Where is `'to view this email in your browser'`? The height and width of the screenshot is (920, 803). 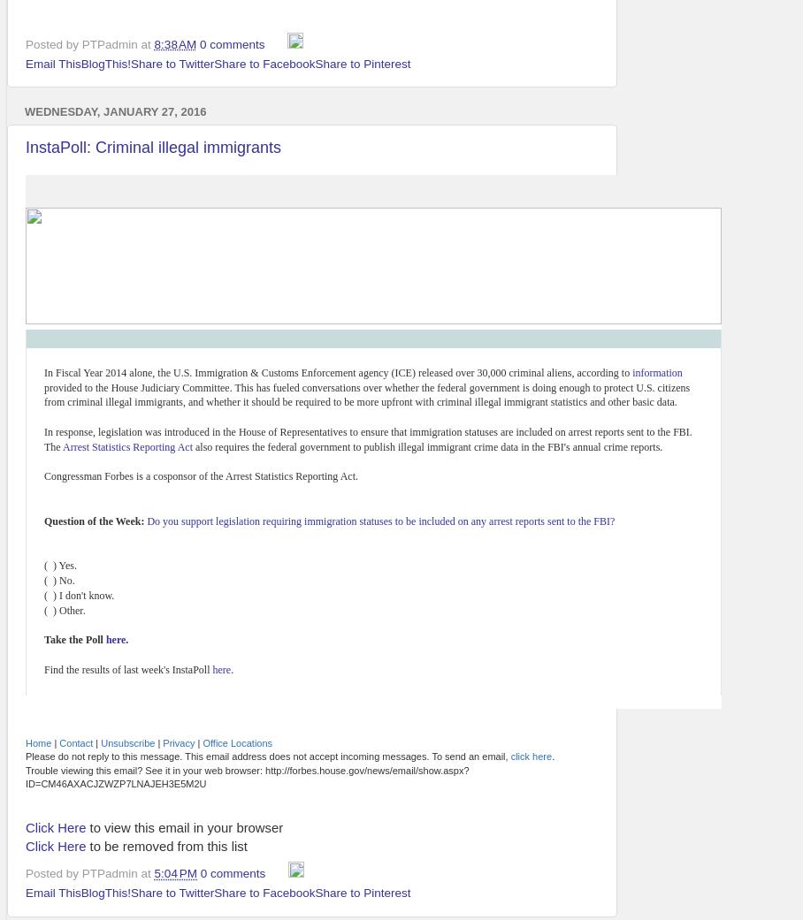
'to view this email in your browser' is located at coordinates (184, 827).